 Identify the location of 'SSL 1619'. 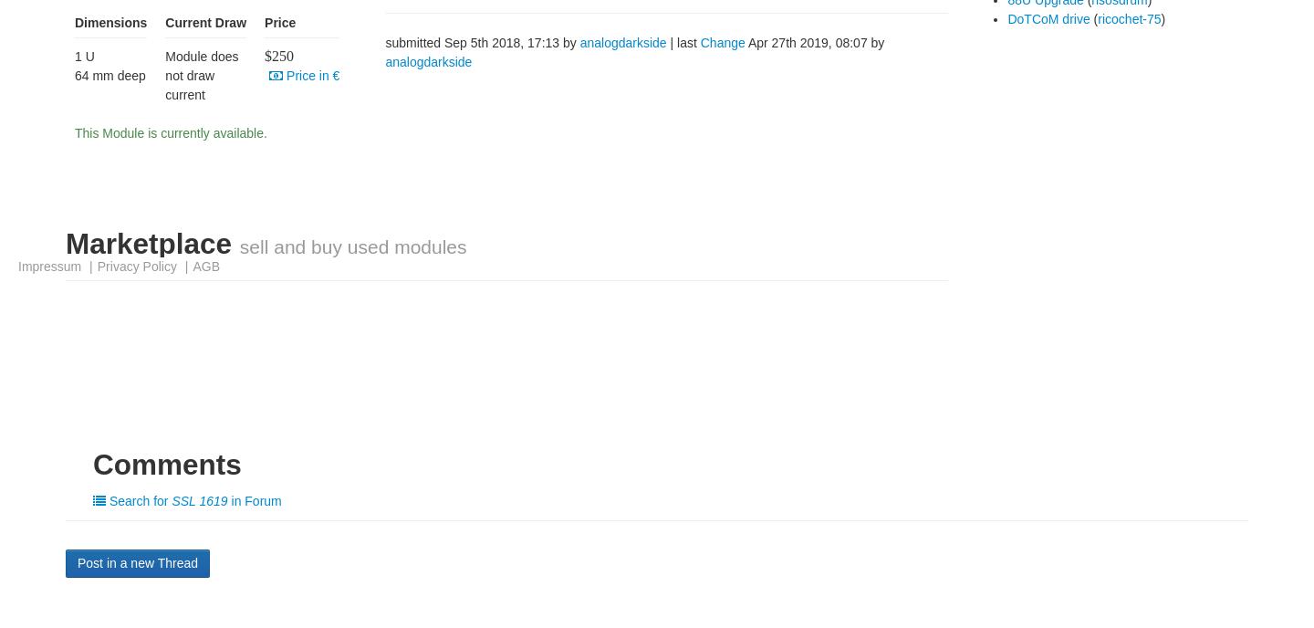
(199, 500).